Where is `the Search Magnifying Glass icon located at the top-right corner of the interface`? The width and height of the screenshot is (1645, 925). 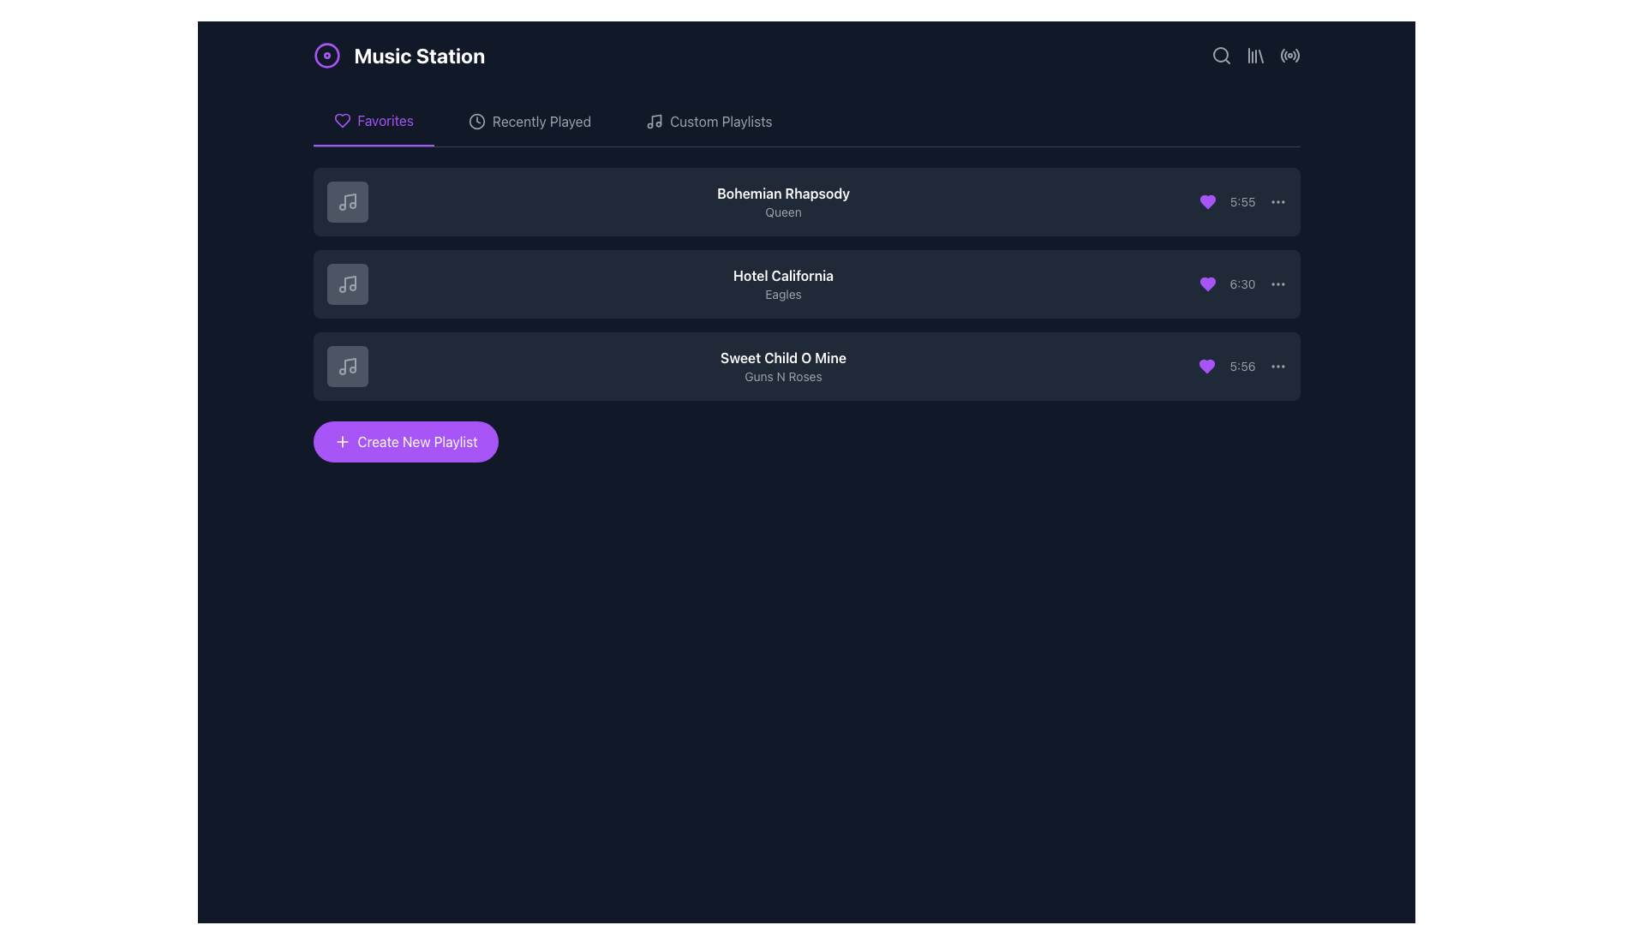 the Search Magnifying Glass icon located at the top-right corner of the interface is located at coordinates (1220, 55).